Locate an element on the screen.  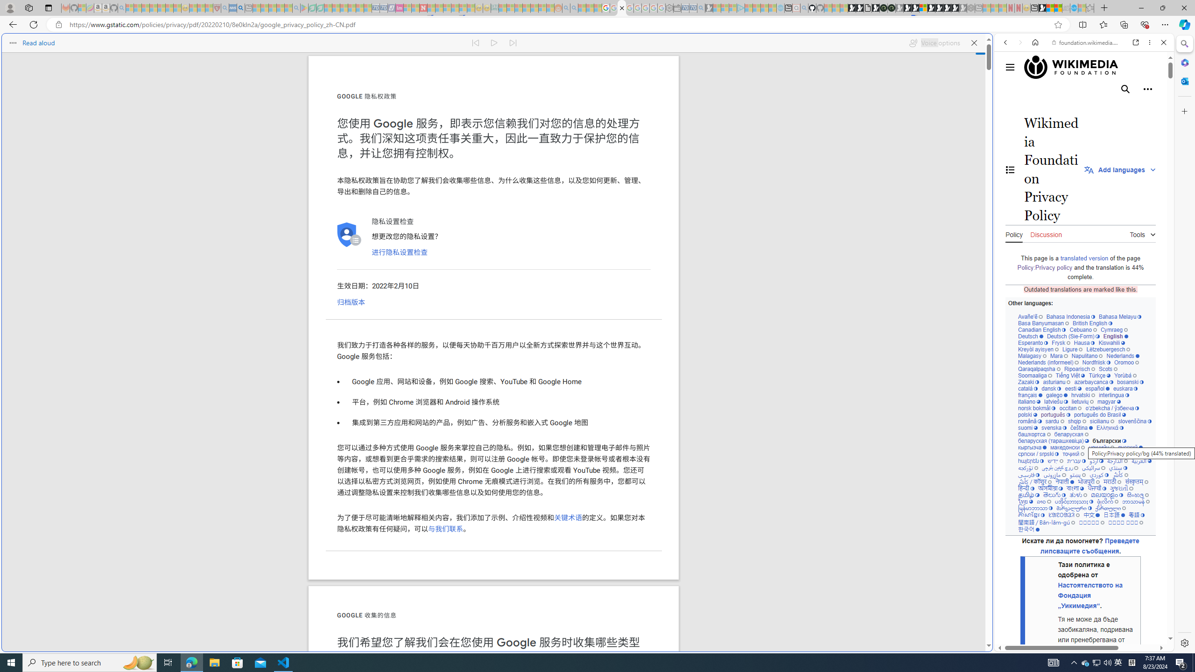
'bosanski' is located at coordinates (1130, 381).